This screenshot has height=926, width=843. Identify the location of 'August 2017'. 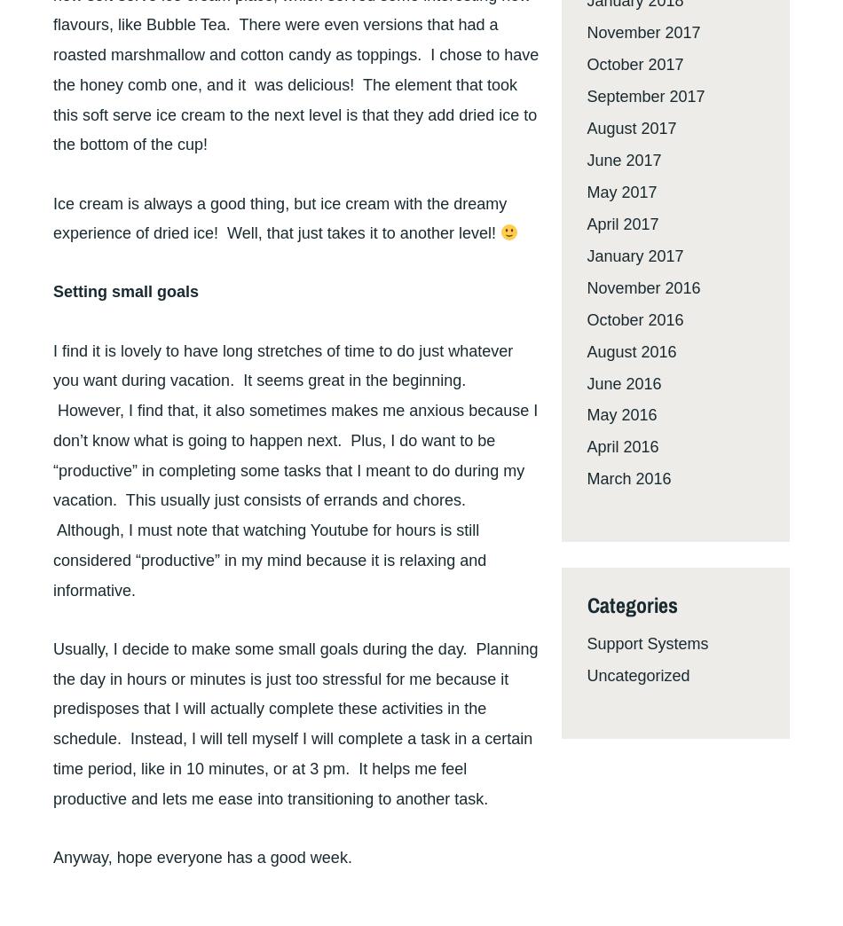
(587, 126).